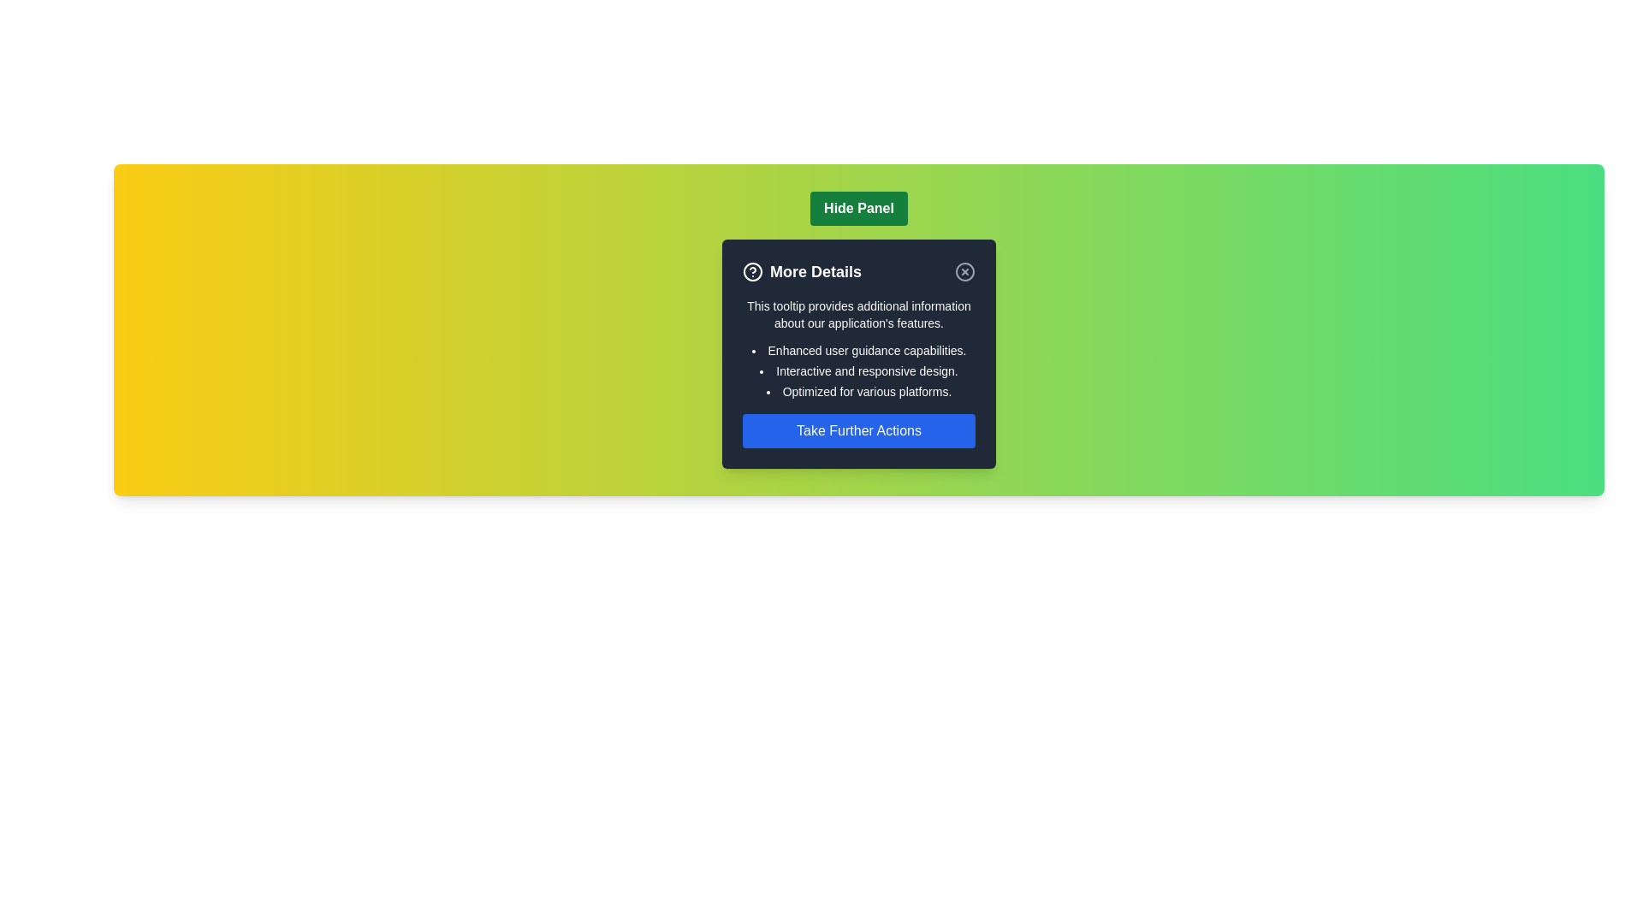 This screenshot has width=1643, height=924. What do you see at coordinates (858, 430) in the screenshot?
I see `the button located at the bottom of the tooltip with a dark gray background` at bounding box center [858, 430].